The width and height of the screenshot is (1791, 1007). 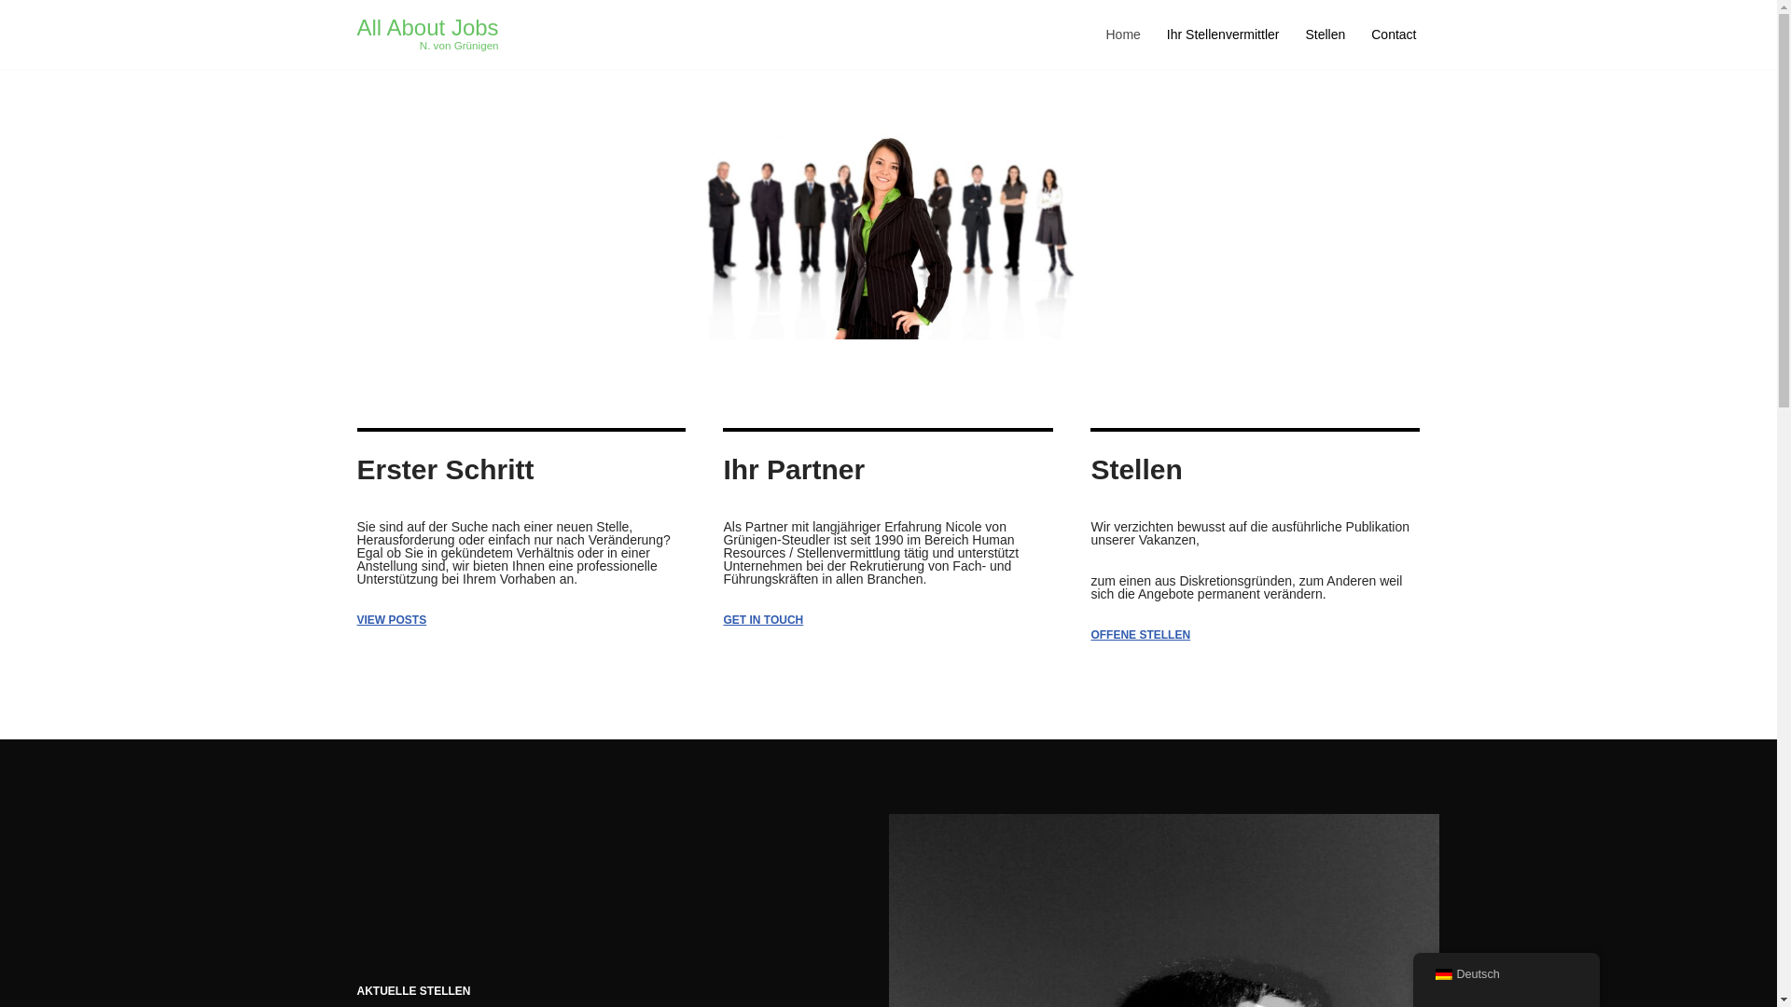 What do you see at coordinates (1393, 34) in the screenshot?
I see `'Contact'` at bounding box center [1393, 34].